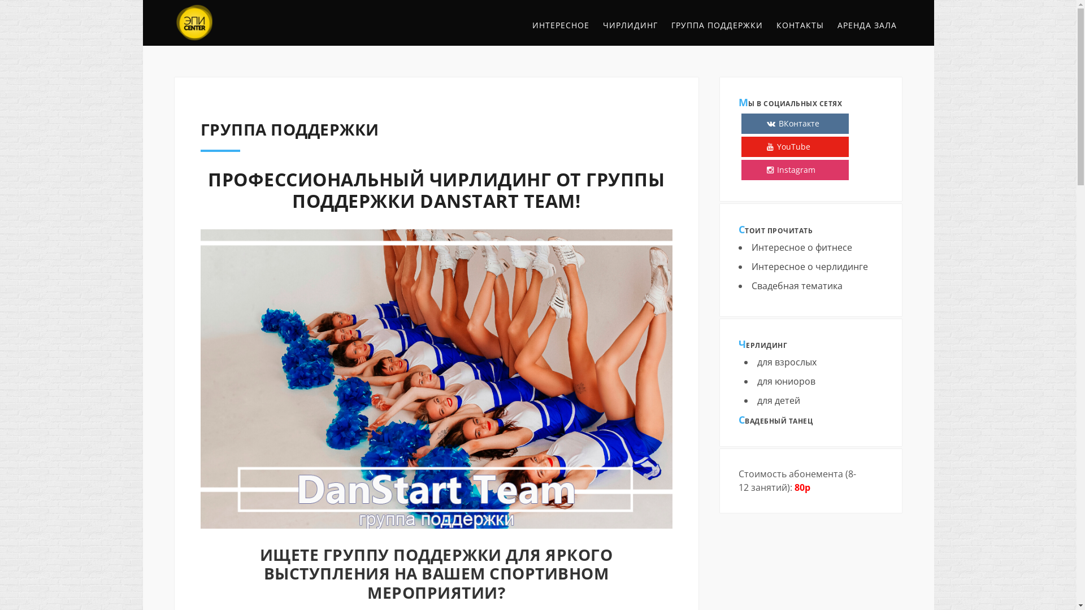  What do you see at coordinates (738, 169) in the screenshot?
I see `'Instagram'` at bounding box center [738, 169].